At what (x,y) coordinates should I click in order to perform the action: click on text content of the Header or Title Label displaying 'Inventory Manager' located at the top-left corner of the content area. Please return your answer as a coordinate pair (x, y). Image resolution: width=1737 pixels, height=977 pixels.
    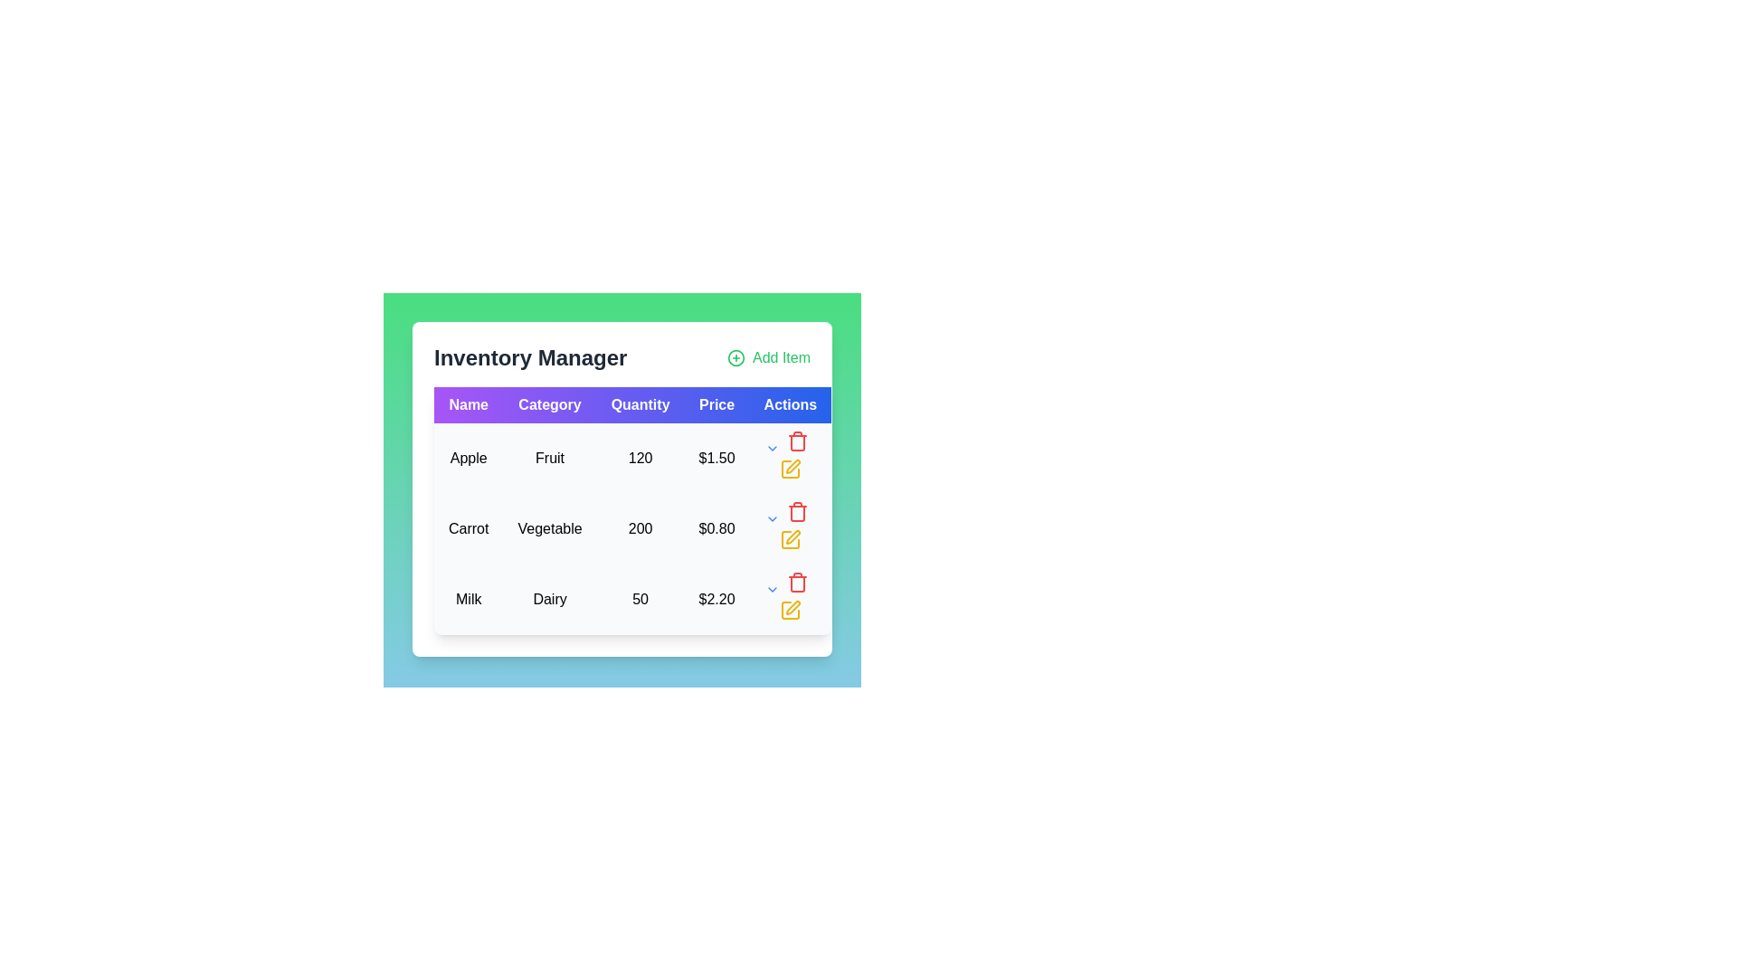
    Looking at the image, I should click on (529, 358).